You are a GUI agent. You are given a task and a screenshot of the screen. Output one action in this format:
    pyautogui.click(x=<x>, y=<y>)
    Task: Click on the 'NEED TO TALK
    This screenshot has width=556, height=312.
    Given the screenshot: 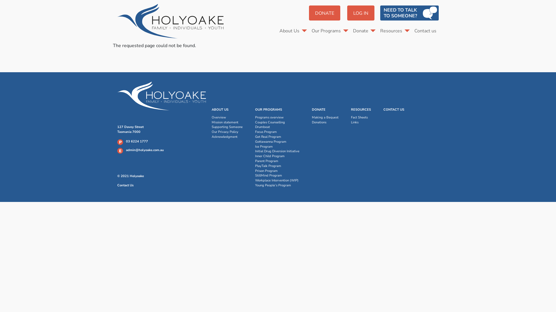 What is the action you would take?
    pyautogui.click(x=409, y=13)
    